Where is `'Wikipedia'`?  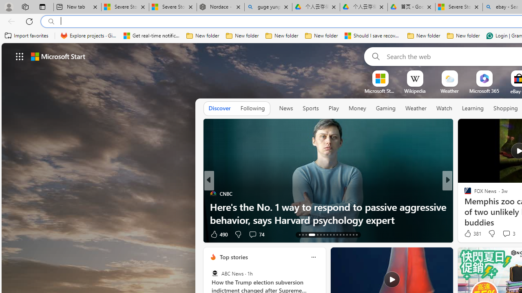
'Wikipedia' is located at coordinates (415, 91).